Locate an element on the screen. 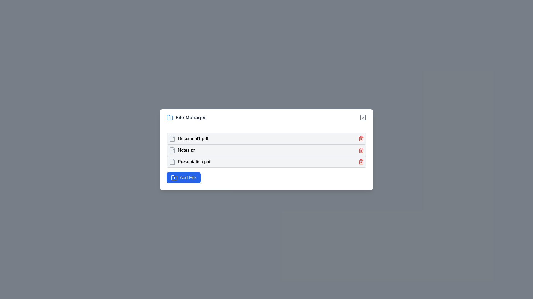 The image size is (533, 299). the close icon button located at the right side of the 'File Manager' header is located at coordinates (363, 117).